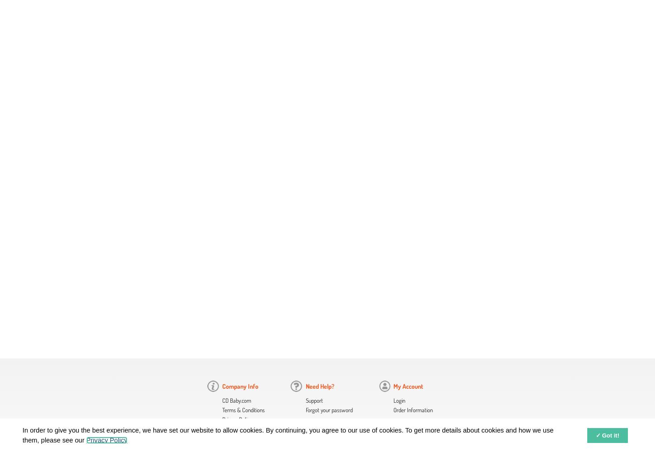 Image resolution: width=655 pixels, height=452 pixels. I want to click on 'My Account', so click(407, 386).